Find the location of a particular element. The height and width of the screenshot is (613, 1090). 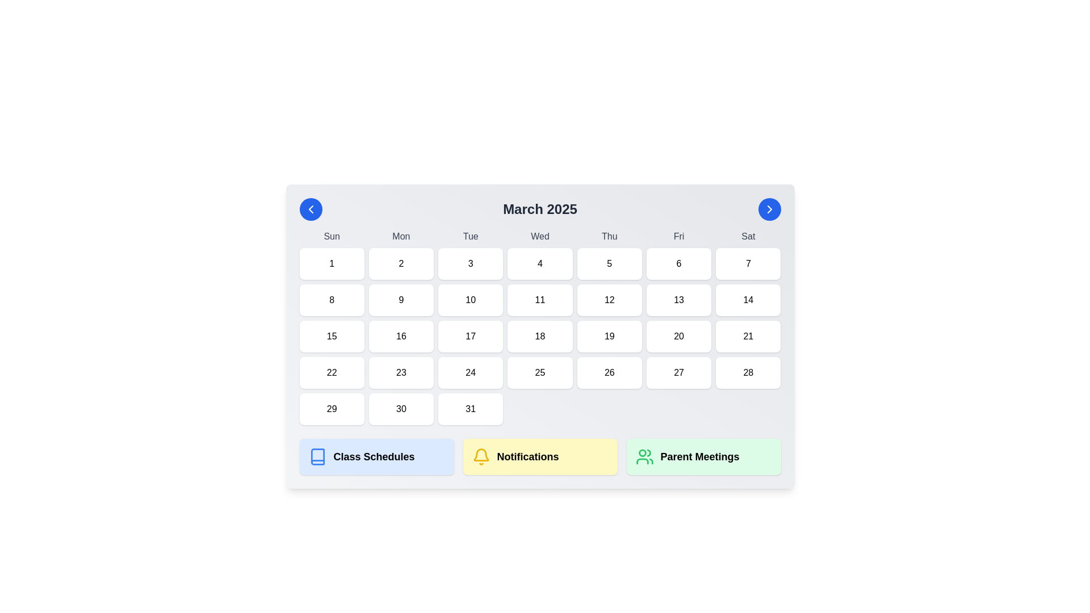

keyboard navigation is located at coordinates (539, 372).